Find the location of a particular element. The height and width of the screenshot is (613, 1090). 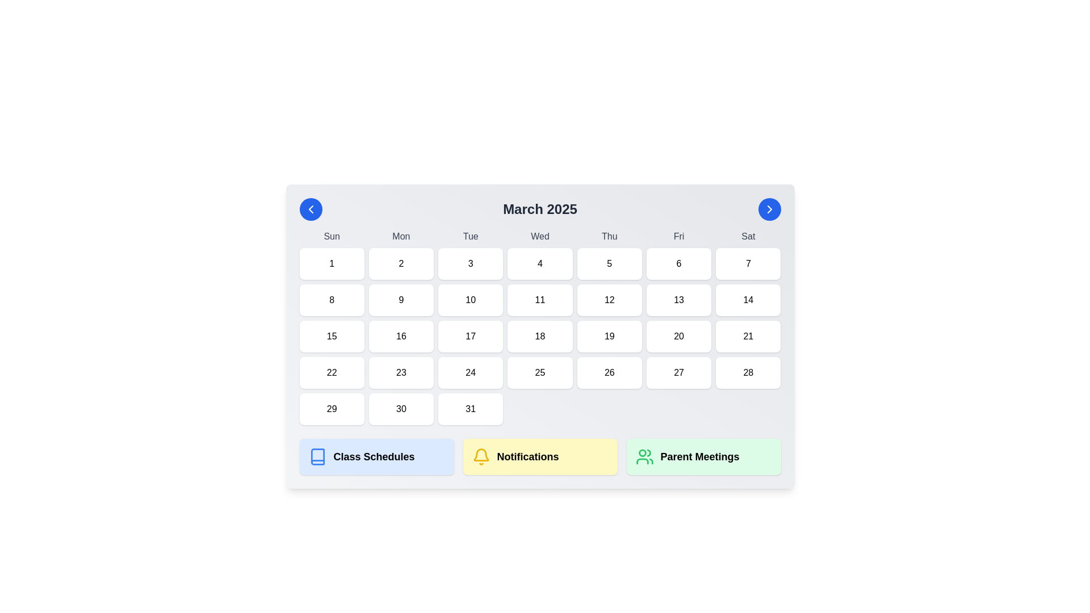

keyboard navigation is located at coordinates (539, 372).